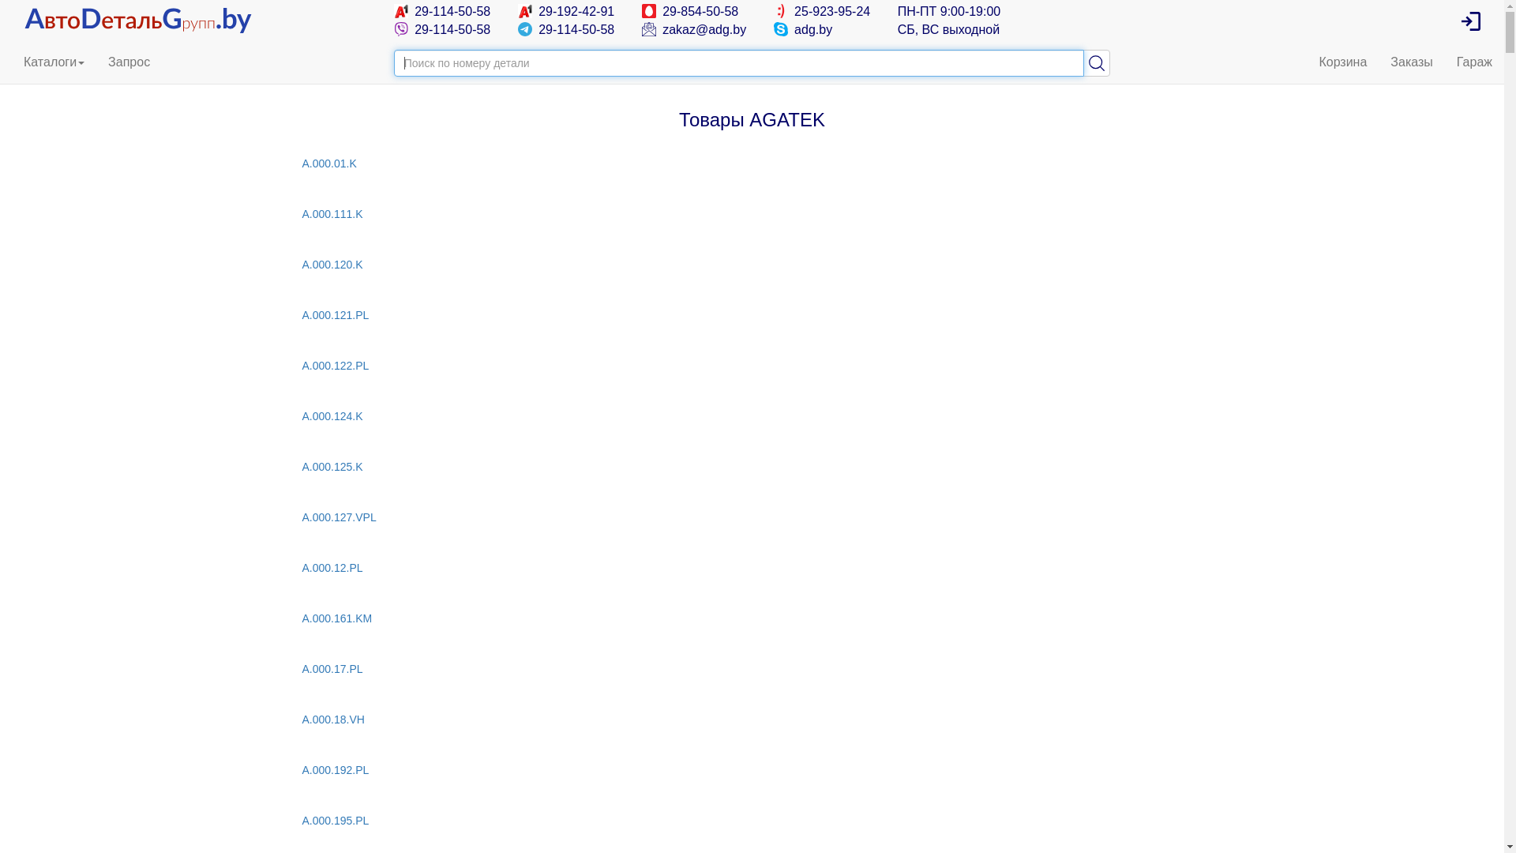 The image size is (1516, 853). Describe the element at coordinates (750, 517) in the screenshot. I see `'A.000.127.VPL'` at that location.